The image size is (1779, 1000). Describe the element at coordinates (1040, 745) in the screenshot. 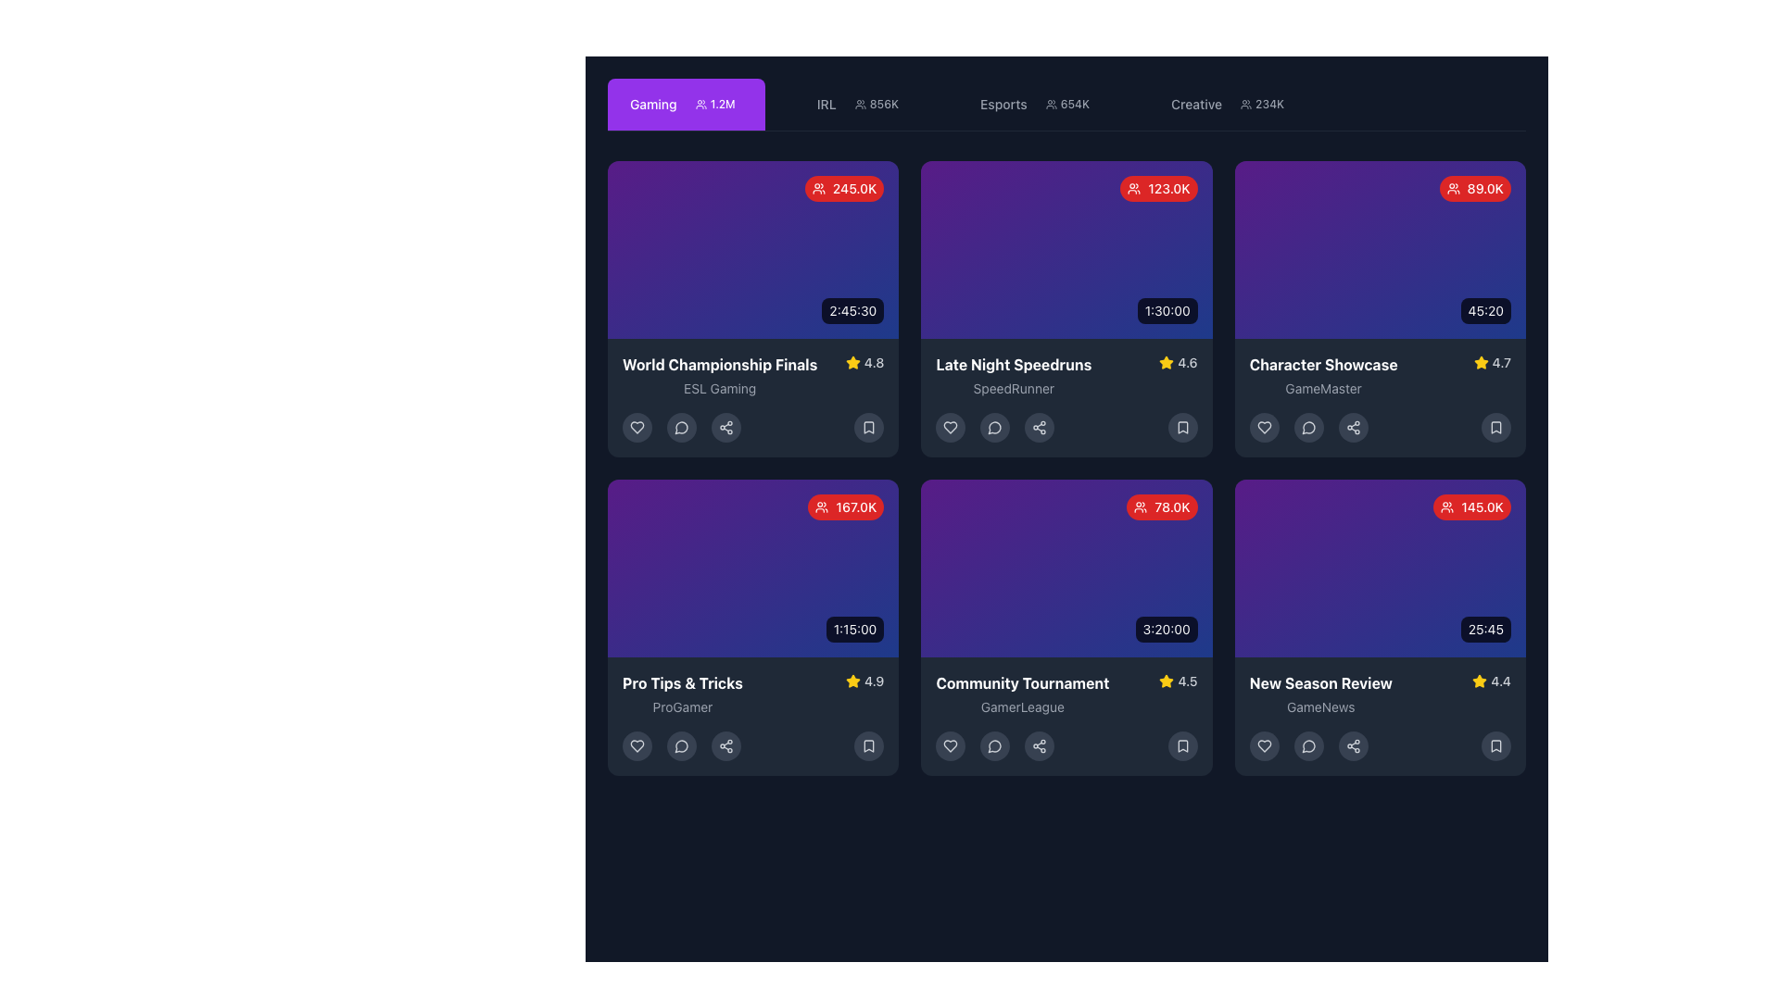

I see `the share icon button located at the bottom-center of the 'Community Tournament' card, which is the third icon from the left in the row of interaction icons` at that location.